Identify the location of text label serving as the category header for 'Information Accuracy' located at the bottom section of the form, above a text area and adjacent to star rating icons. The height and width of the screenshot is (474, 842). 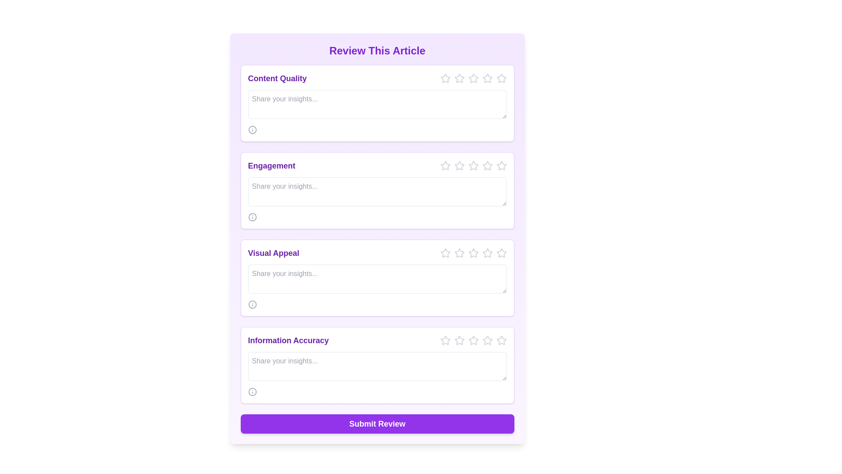
(288, 340).